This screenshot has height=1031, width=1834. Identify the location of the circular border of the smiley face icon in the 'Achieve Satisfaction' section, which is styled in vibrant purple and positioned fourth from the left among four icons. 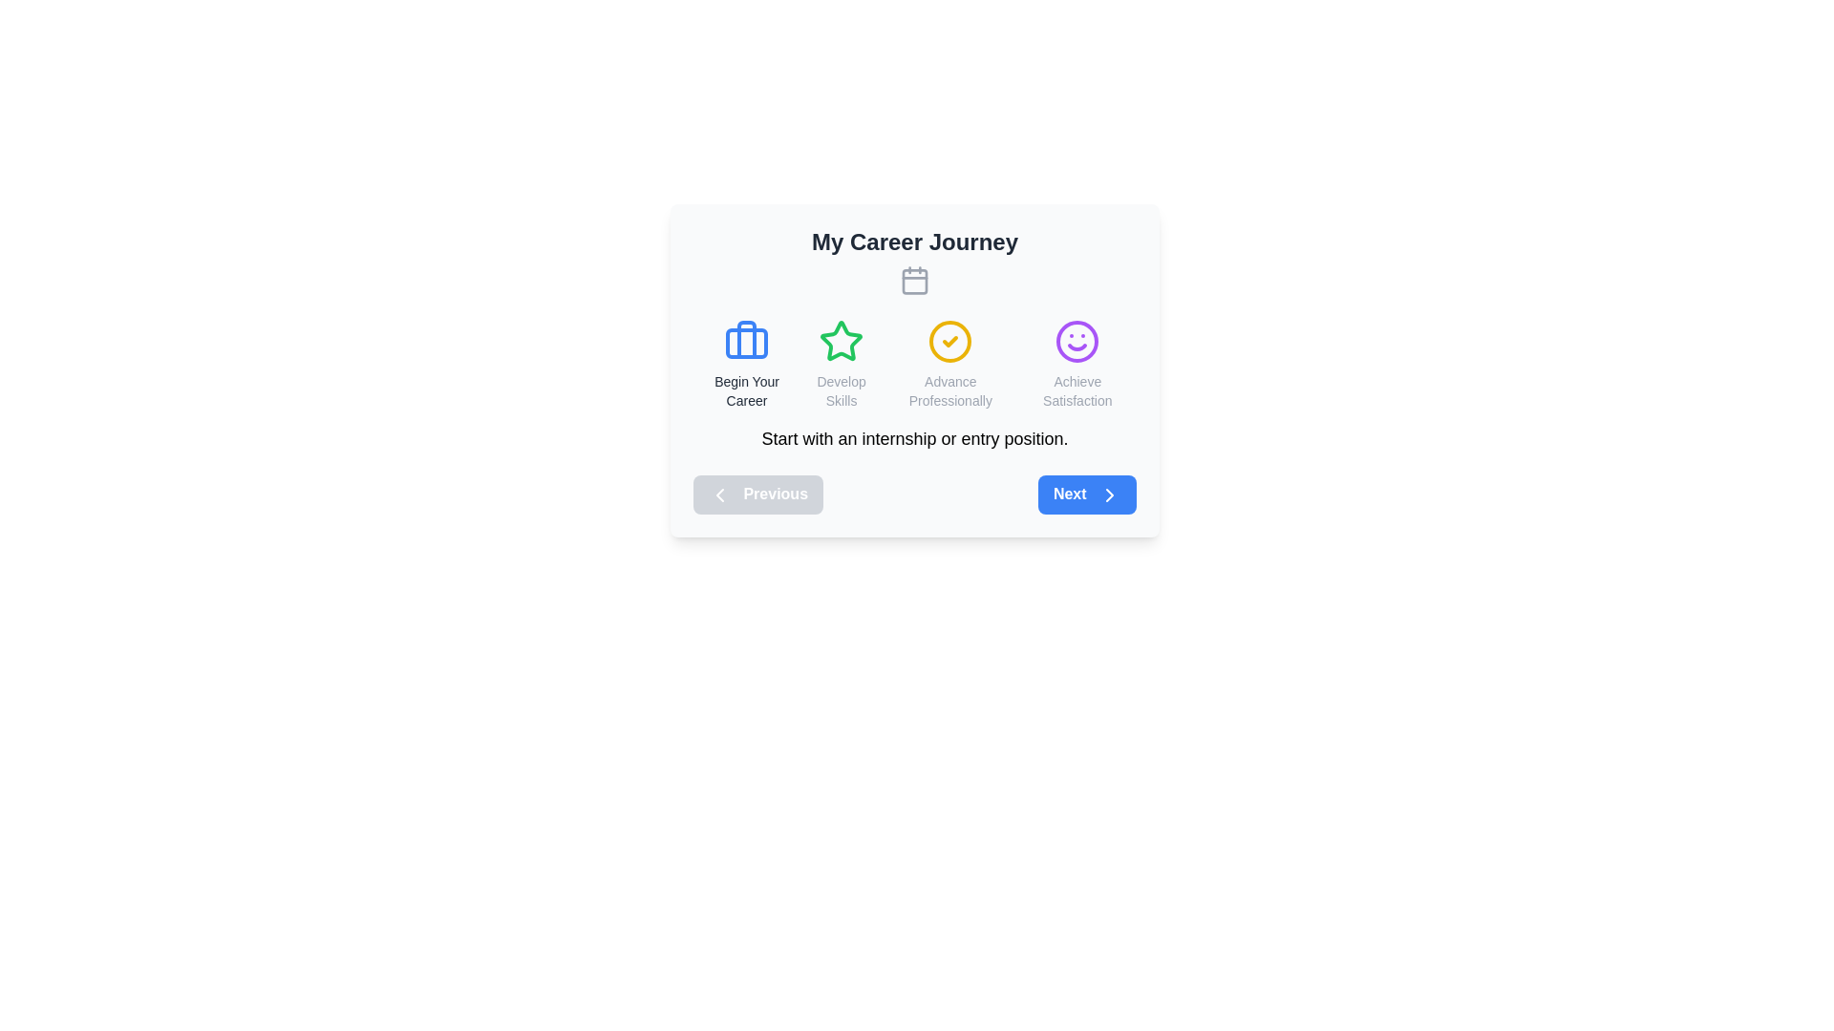
(1077, 341).